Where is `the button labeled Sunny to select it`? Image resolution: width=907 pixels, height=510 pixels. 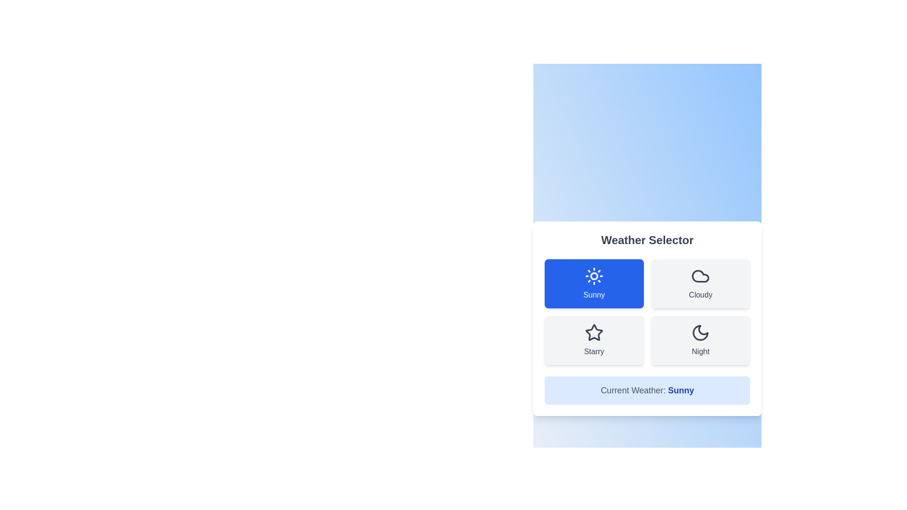 the button labeled Sunny to select it is located at coordinates (593, 283).